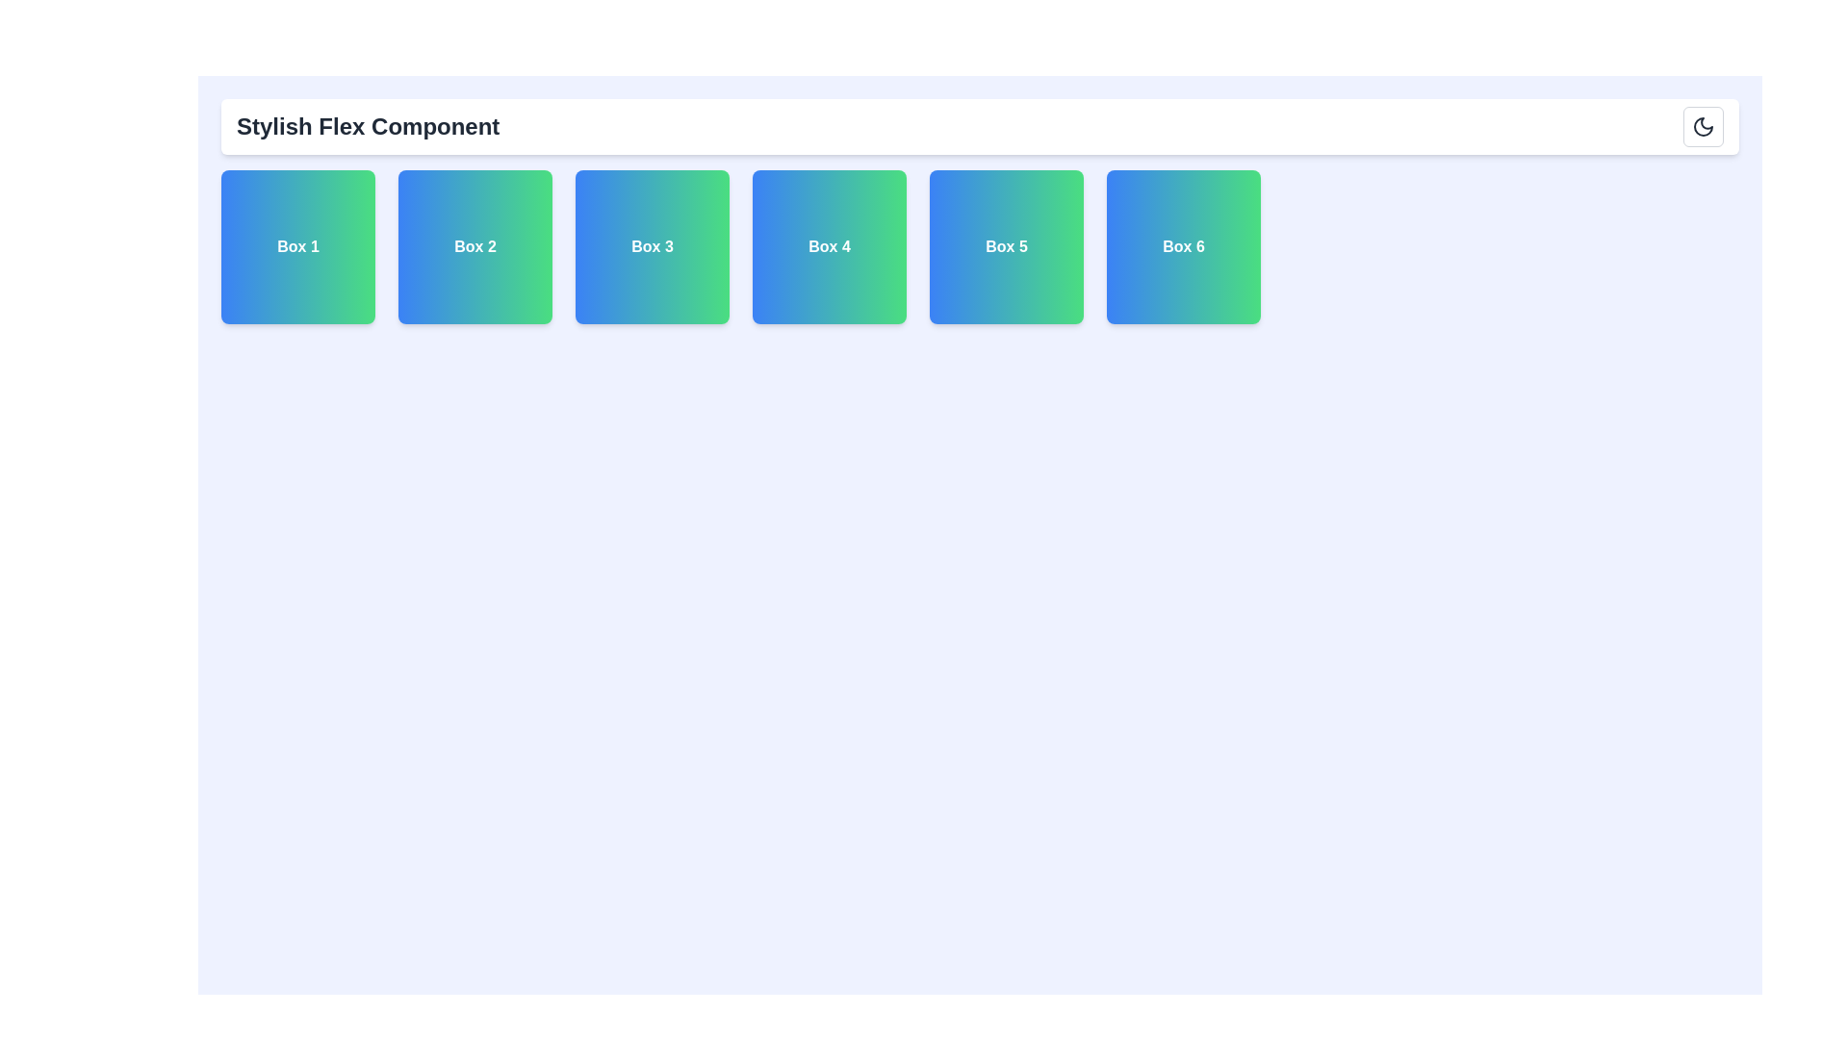 The image size is (1848, 1039). What do you see at coordinates (652, 246) in the screenshot?
I see `the Text-labeled interactive box, which is the third element in a horizontal sequence of six boxes labeled from Box 1 to Box 6` at bounding box center [652, 246].